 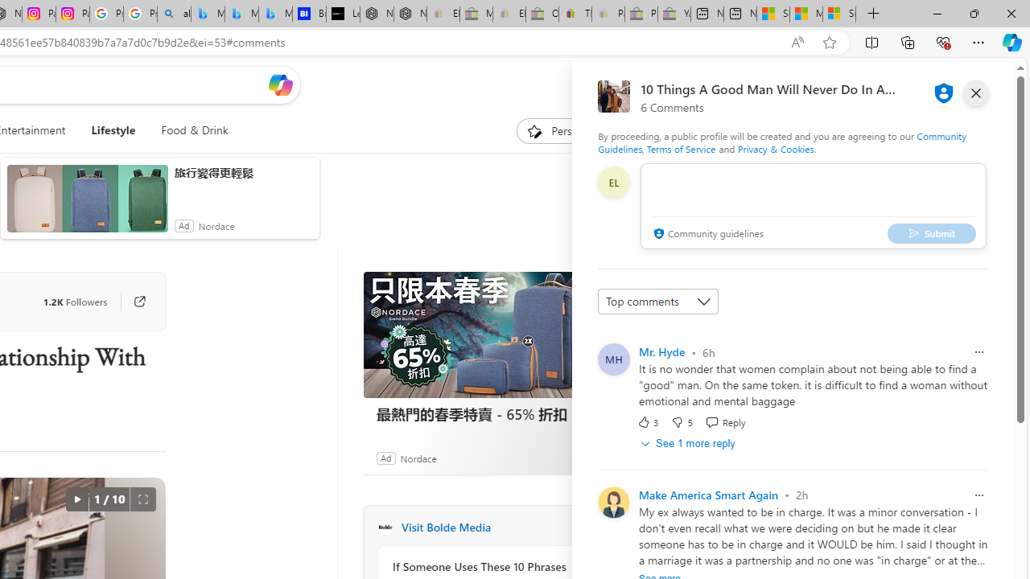 What do you see at coordinates (708, 494) in the screenshot?
I see `'Make America Smart Again'` at bounding box center [708, 494].